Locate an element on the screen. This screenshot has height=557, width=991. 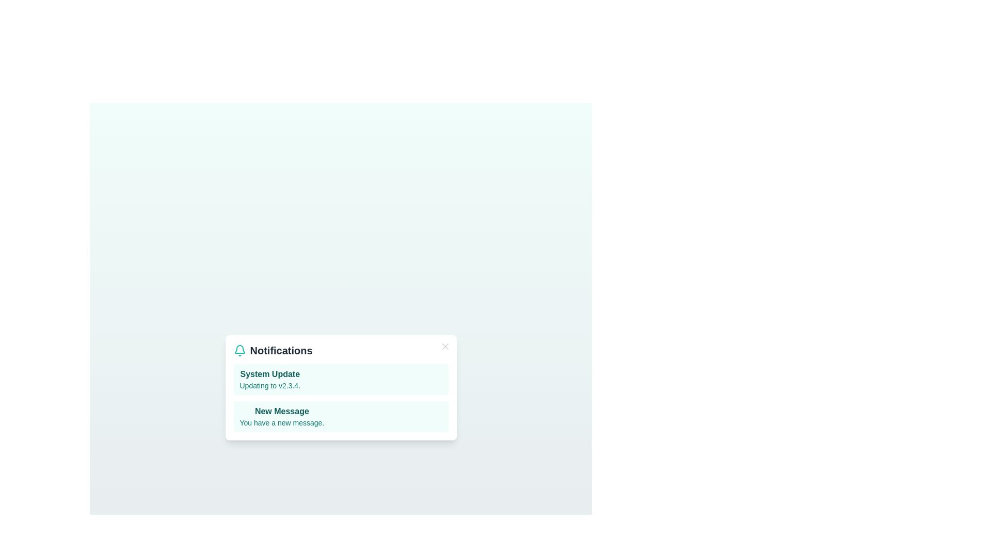
the 'X' button to close the notification hub is located at coordinates (445, 346).